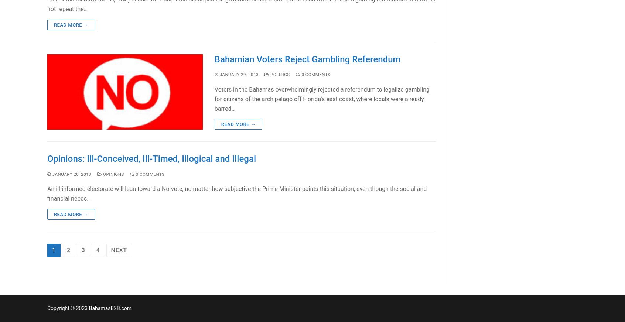  I want to click on 'Politics', so click(279, 74).